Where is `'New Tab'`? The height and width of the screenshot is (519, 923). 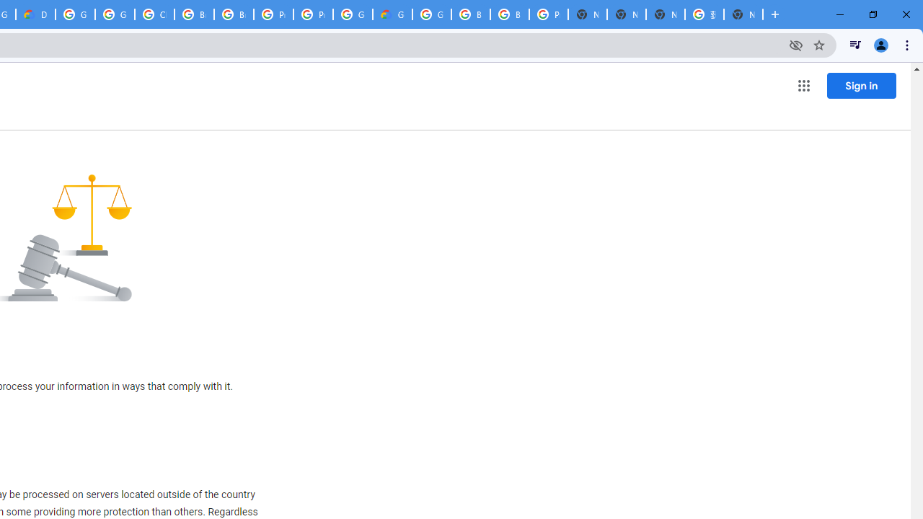
'New Tab' is located at coordinates (743, 14).